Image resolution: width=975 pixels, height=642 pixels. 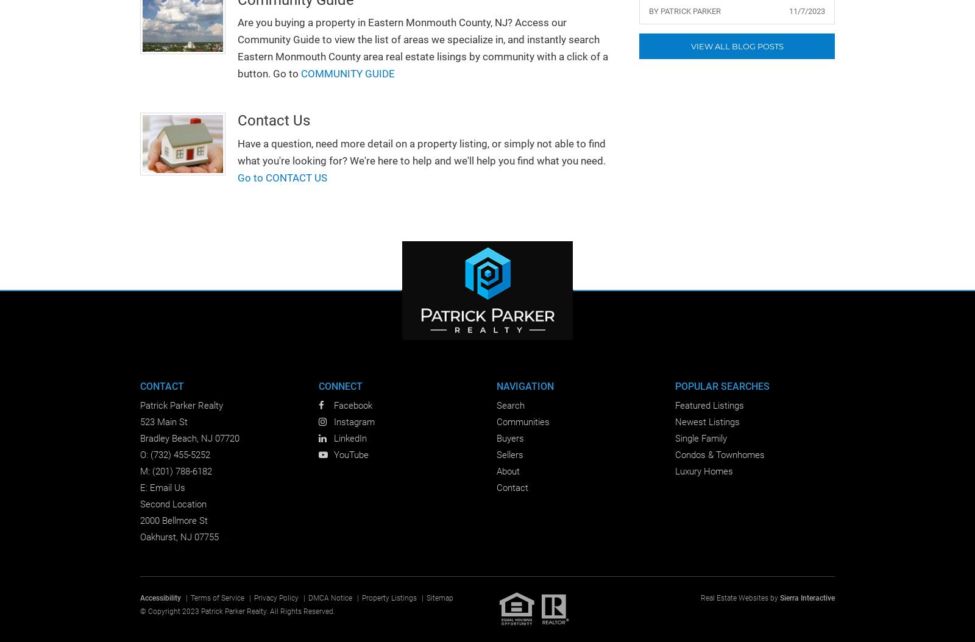 I want to click on 'Second Location', so click(x=173, y=504).